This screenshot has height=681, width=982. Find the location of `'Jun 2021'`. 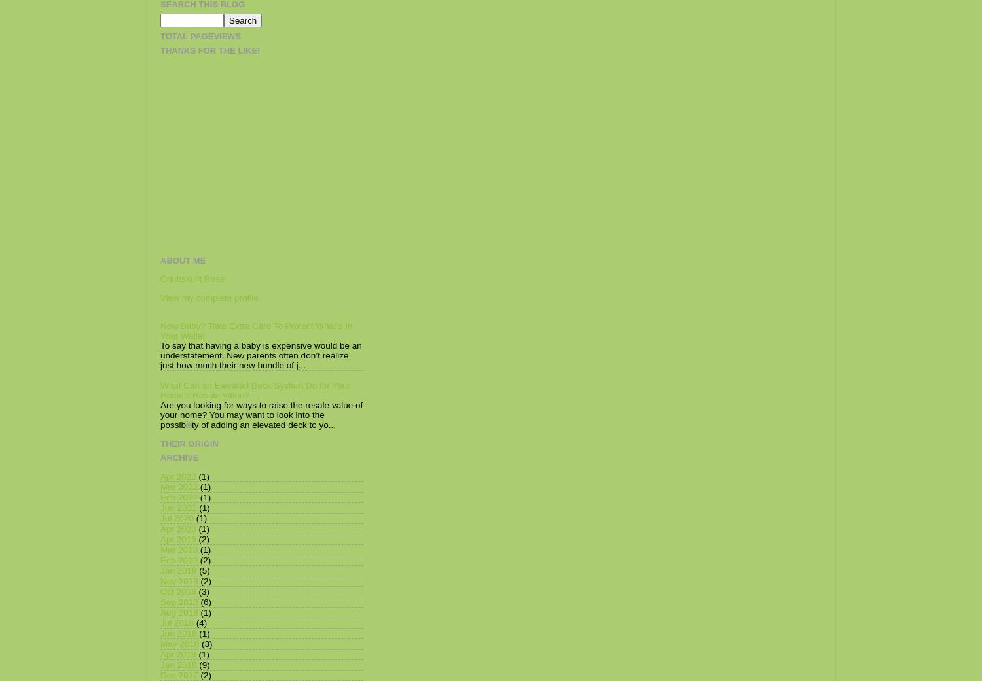

'Jun 2021' is located at coordinates (178, 507).